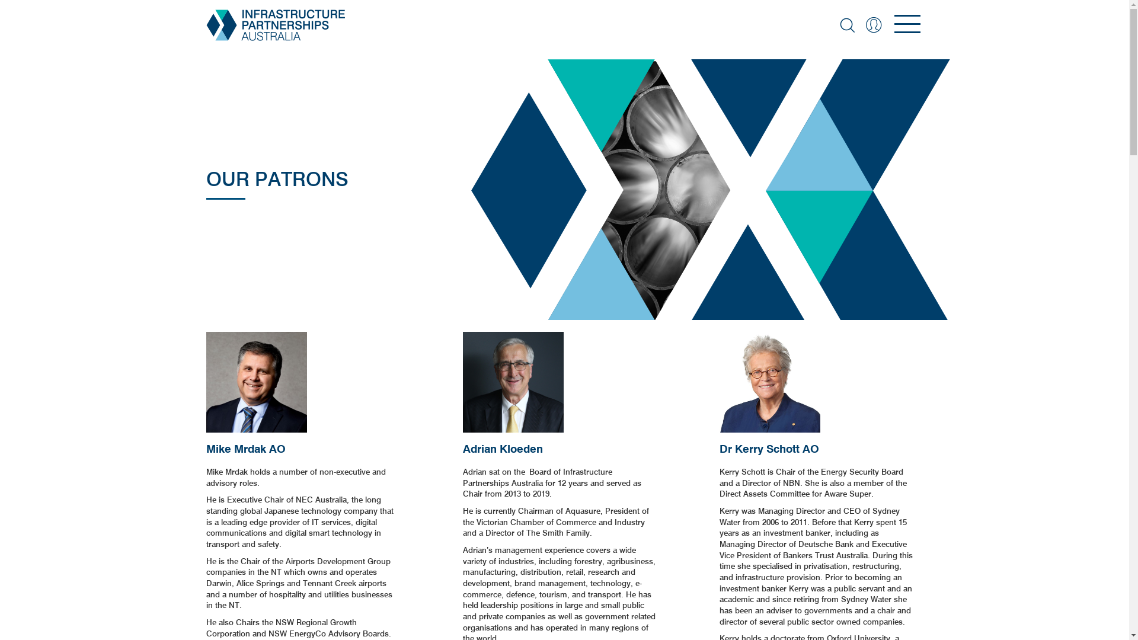  I want to click on 'Login', so click(873, 25).